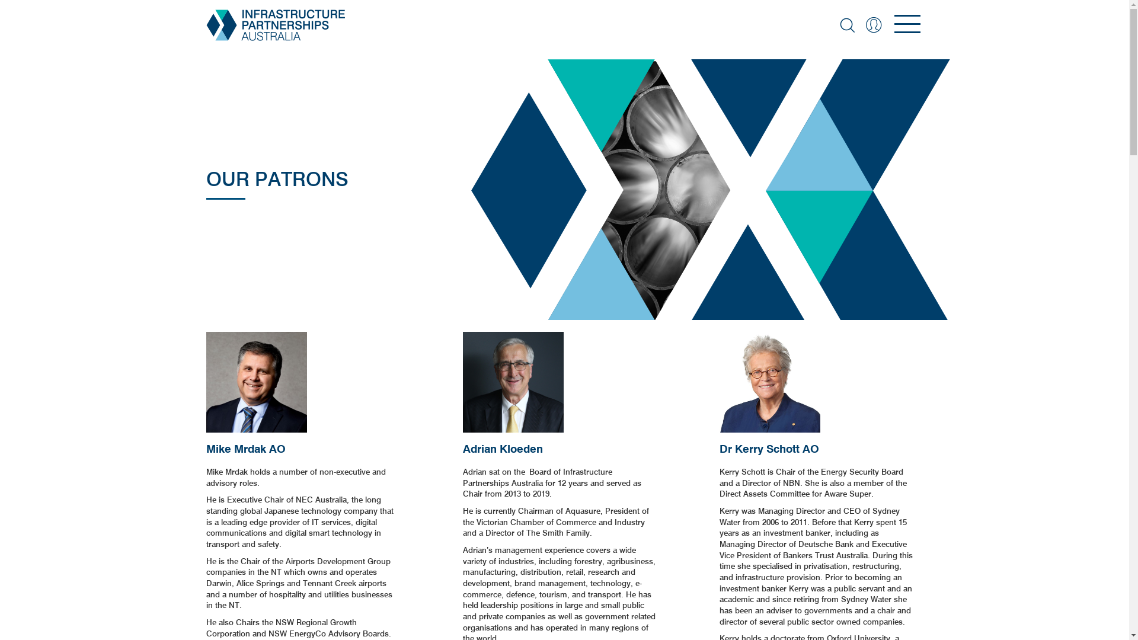  I want to click on 'Login', so click(873, 25).